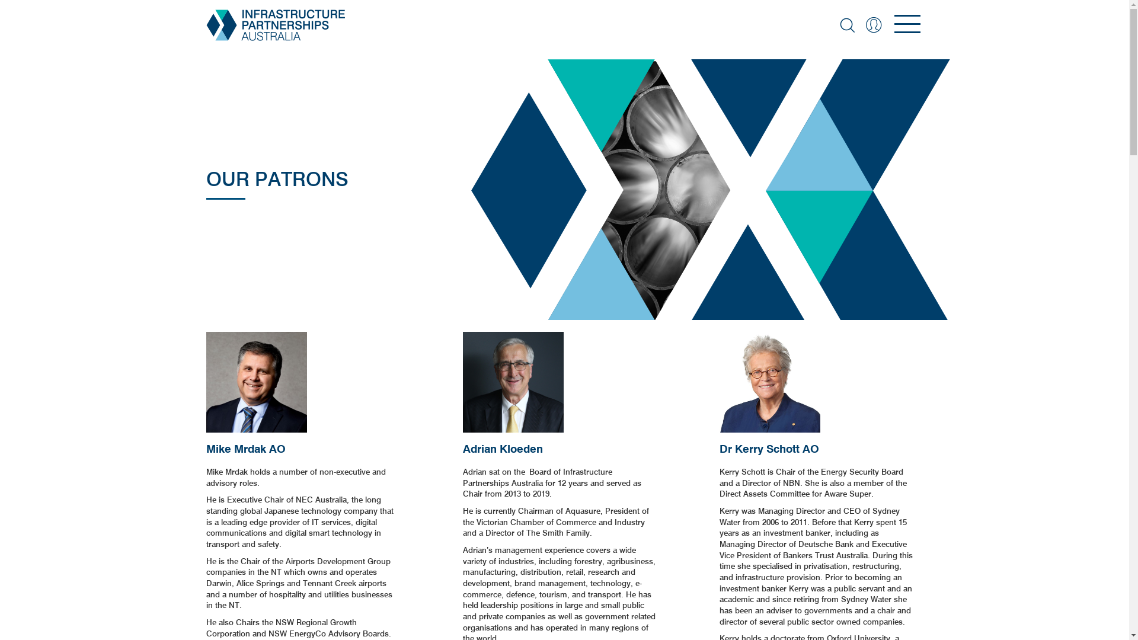  I want to click on 'Login', so click(873, 25).